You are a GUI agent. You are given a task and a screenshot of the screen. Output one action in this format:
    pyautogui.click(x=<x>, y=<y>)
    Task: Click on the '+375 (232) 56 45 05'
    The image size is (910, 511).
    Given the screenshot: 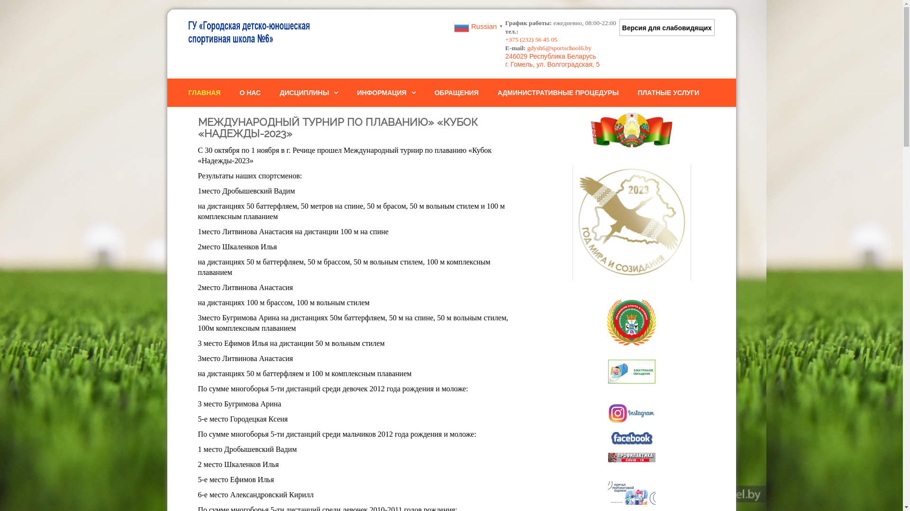 What is the action you would take?
    pyautogui.click(x=531, y=39)
    